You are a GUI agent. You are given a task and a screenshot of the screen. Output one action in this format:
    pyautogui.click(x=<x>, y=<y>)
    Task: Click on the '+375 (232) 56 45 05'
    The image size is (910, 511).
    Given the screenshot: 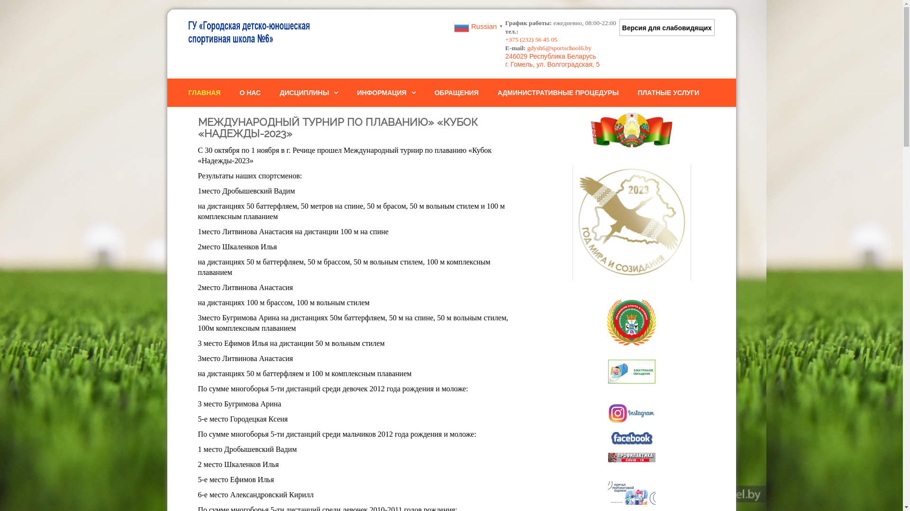 What is the action you would take?
    pyautogui.click(x=531, y=39)
    